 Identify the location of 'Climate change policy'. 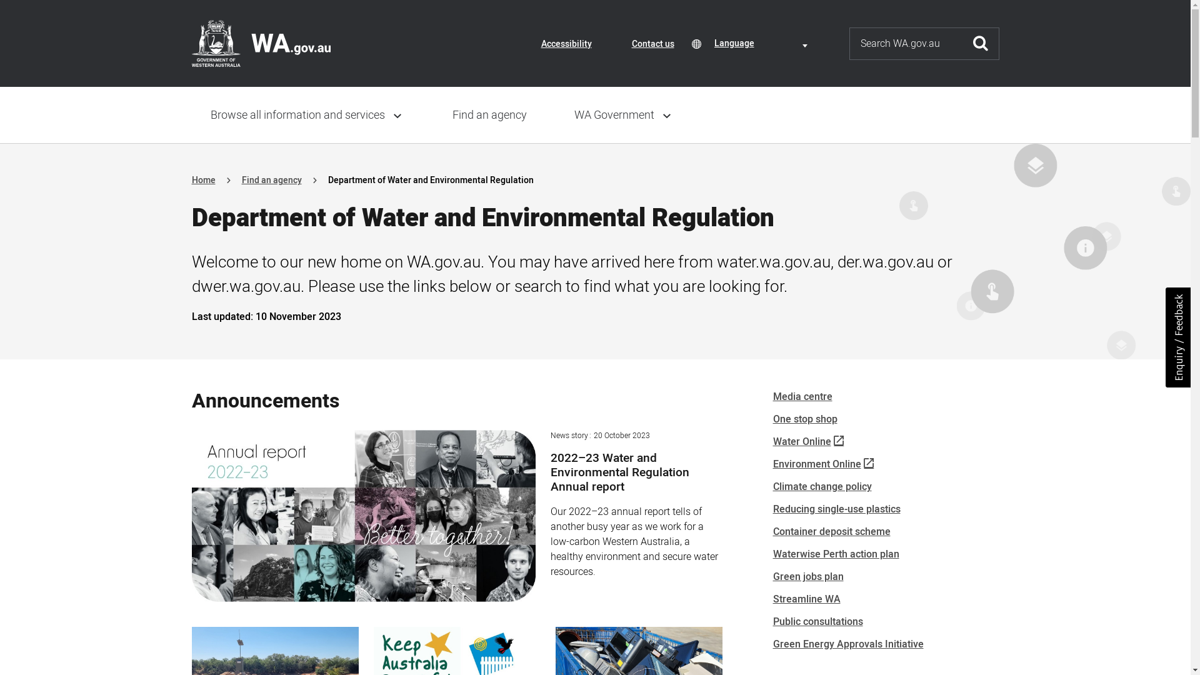
(822, 486).